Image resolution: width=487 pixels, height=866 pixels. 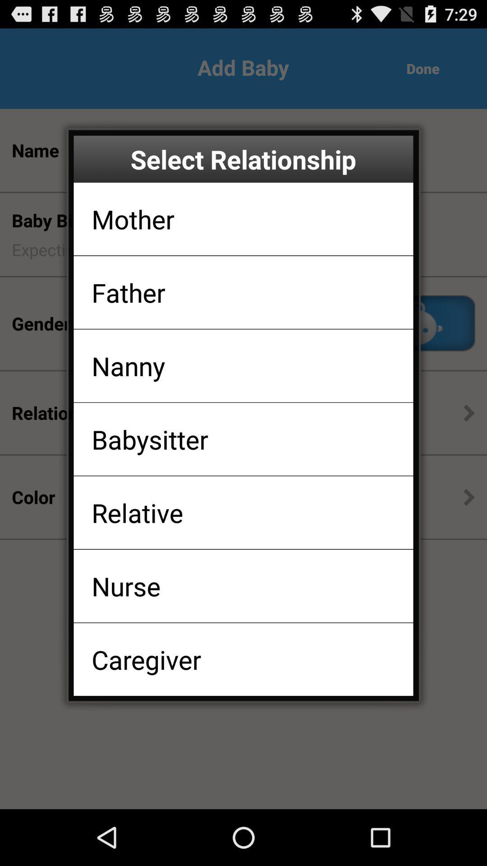 What do you see at coordinates (137, 512) in the screenshot?
I see `the relative` at bounding box center [137, 512].